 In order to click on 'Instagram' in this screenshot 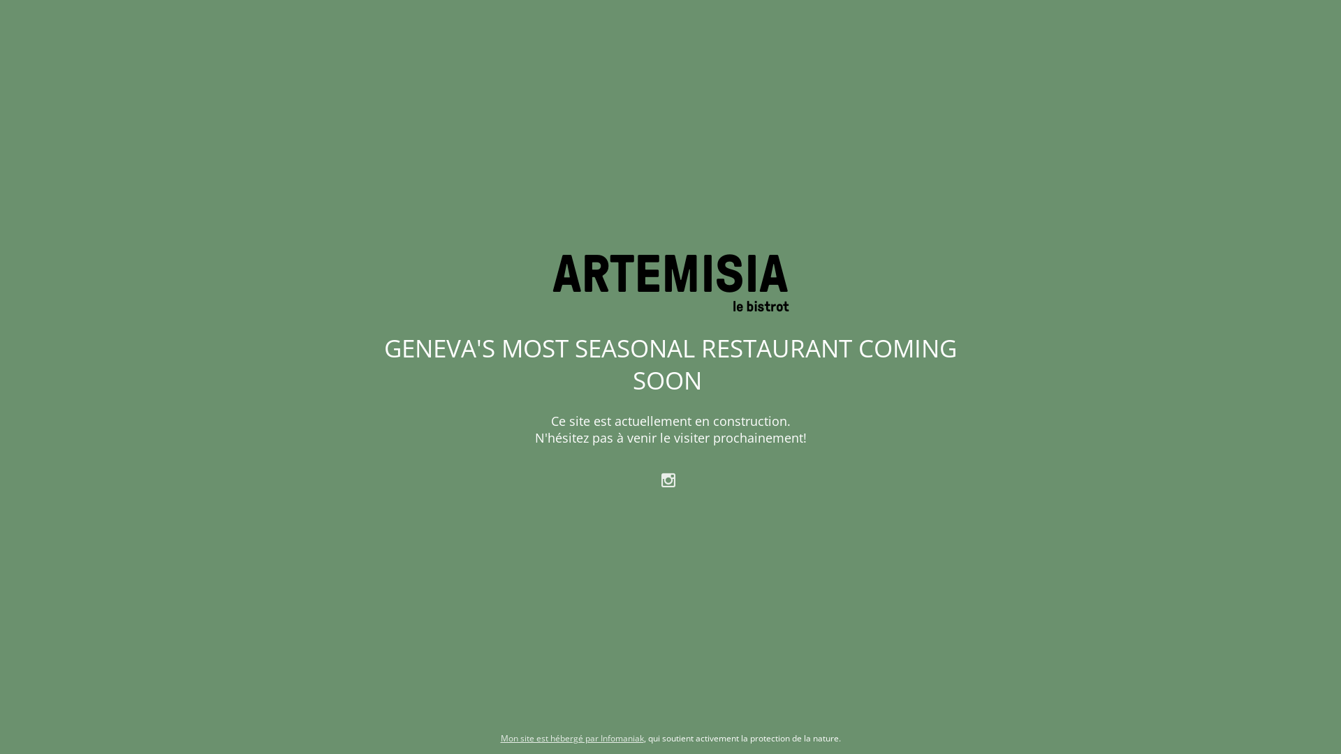, I will do `click(670, 478)`.